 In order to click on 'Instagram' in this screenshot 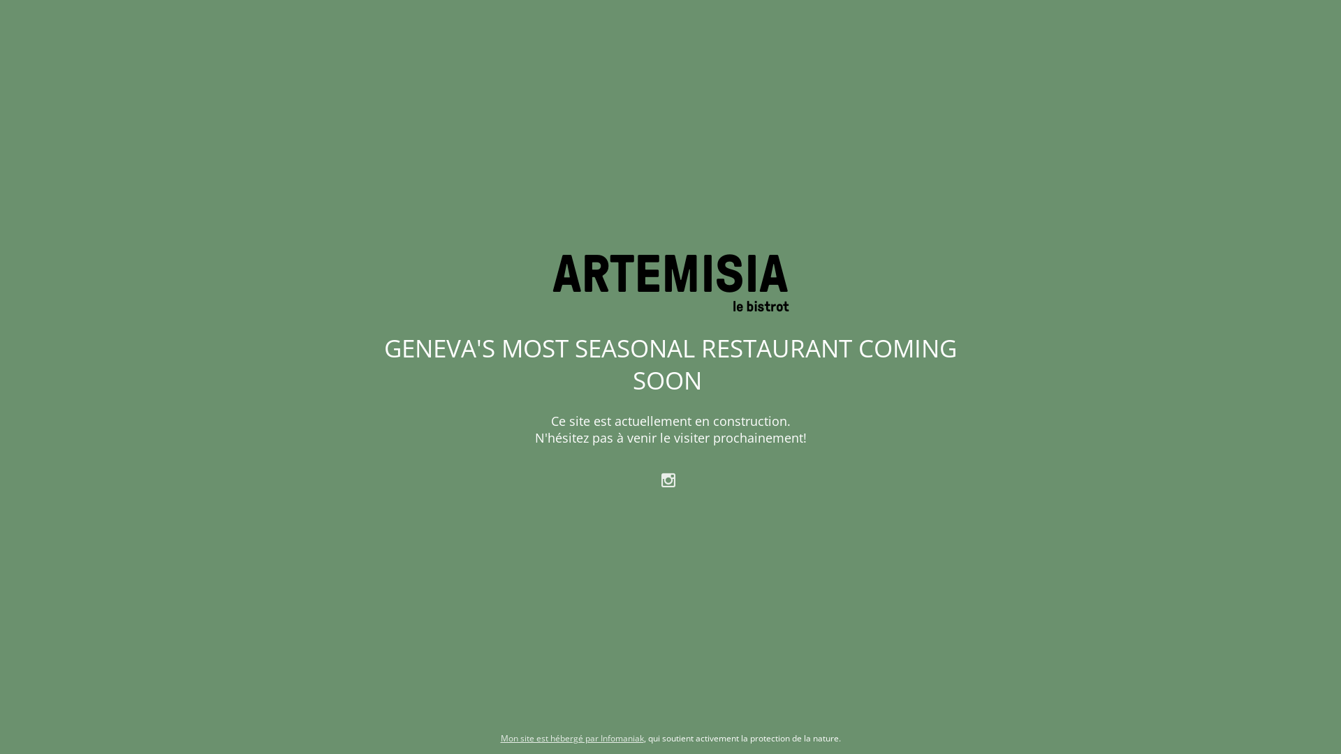, I will do `click(670, 478)`.